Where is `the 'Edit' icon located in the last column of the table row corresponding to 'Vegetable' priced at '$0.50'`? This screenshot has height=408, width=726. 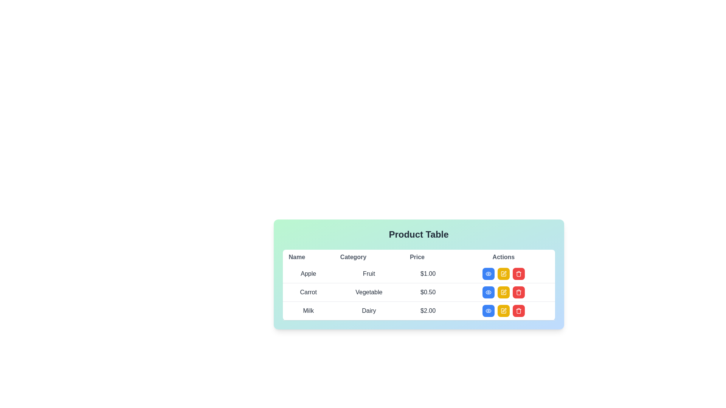 the 'Edit' icon located in the last column of the table row corresponding to 'Vegetable' priced at '$0.50' is located at coordinates (504, 291).